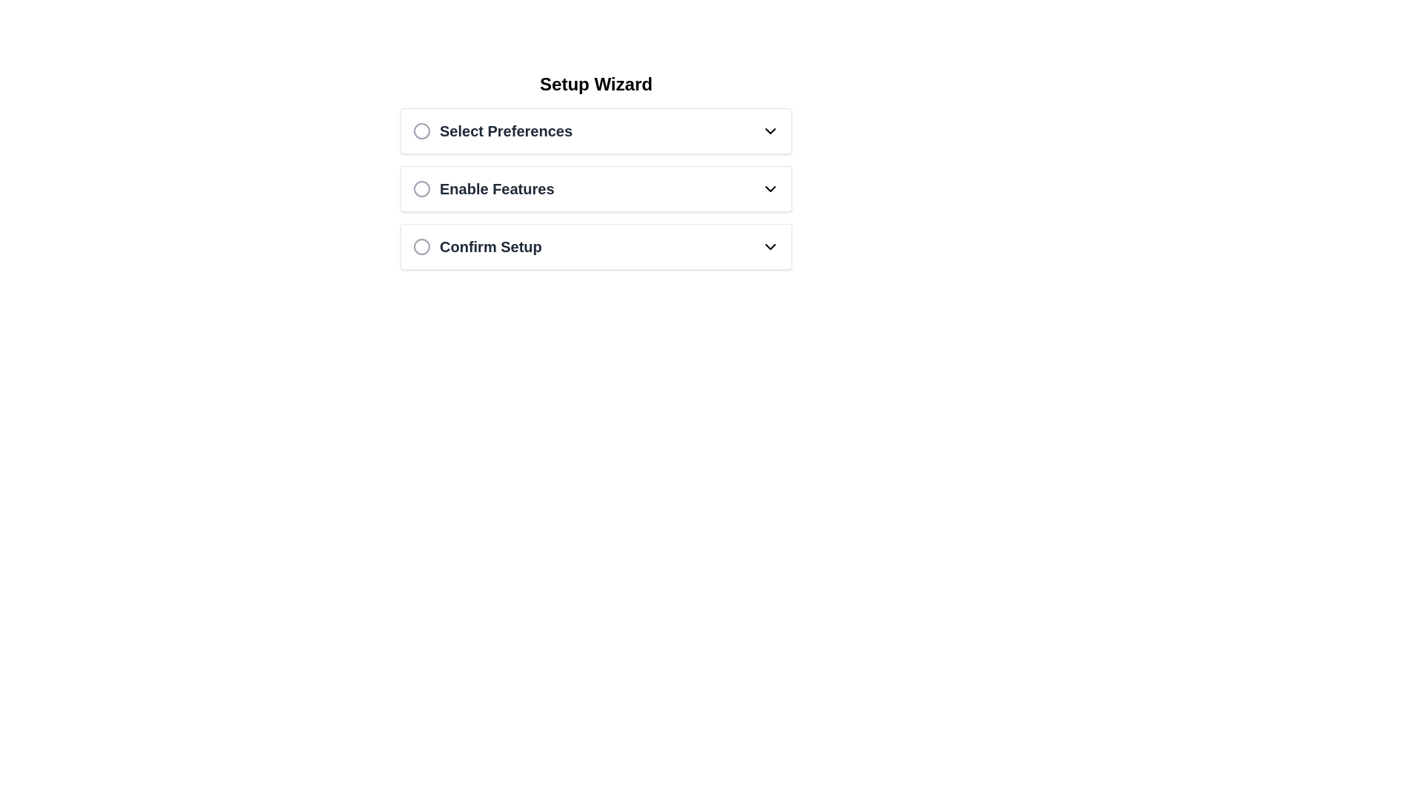 This screenshot has height=801, width=1424. I want to click on the title text element that serves as a descriptor for the associated setting in the 'Setup Wizard' list, positioned below 'Select Preferences' and above 'Confirm Setup', so click(497, 188).